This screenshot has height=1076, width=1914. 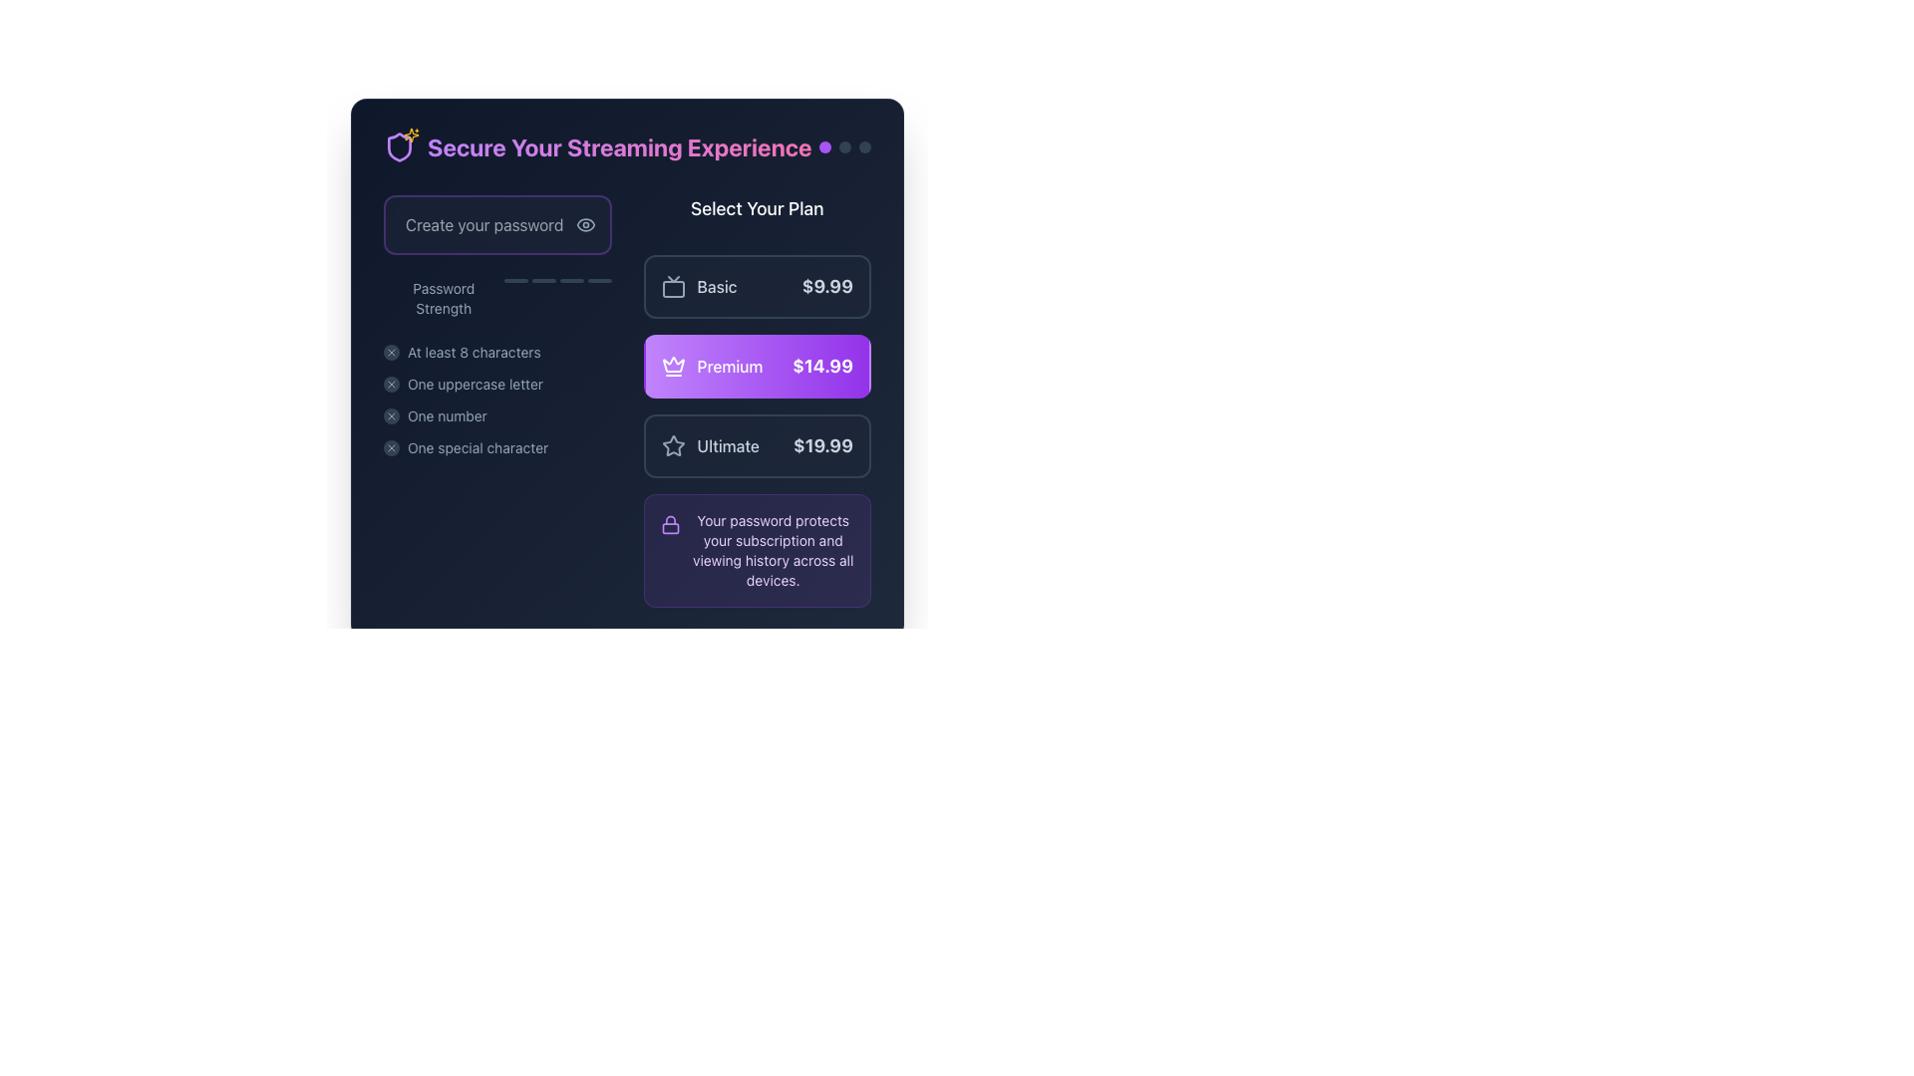 What do you see at coordinates (825, 145) in the screenshot?
I see `the first circular indicator in the top-right corner of the interface, which serves as a step or status indicator in a multi-step tracking system` at bounding box center [825, 145].